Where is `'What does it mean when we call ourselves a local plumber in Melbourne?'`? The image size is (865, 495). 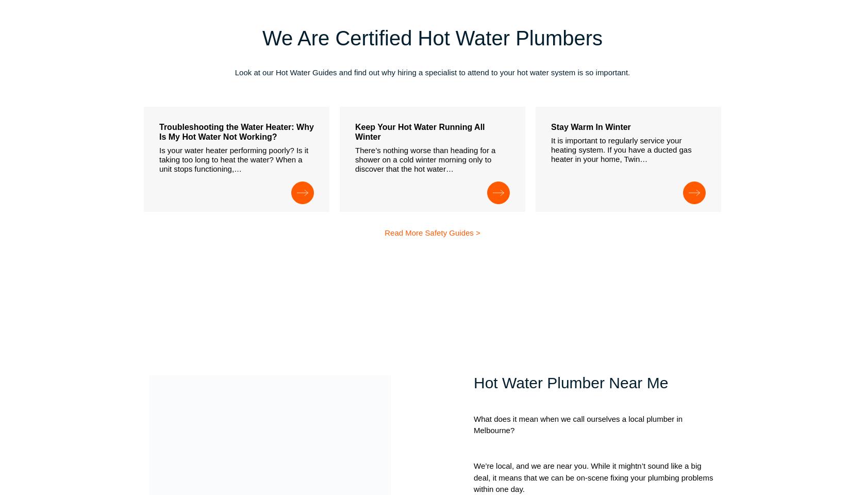 'What does it mean when we call ourselves a local plumber in Melbourne?' is located at coordinates (578, 424).